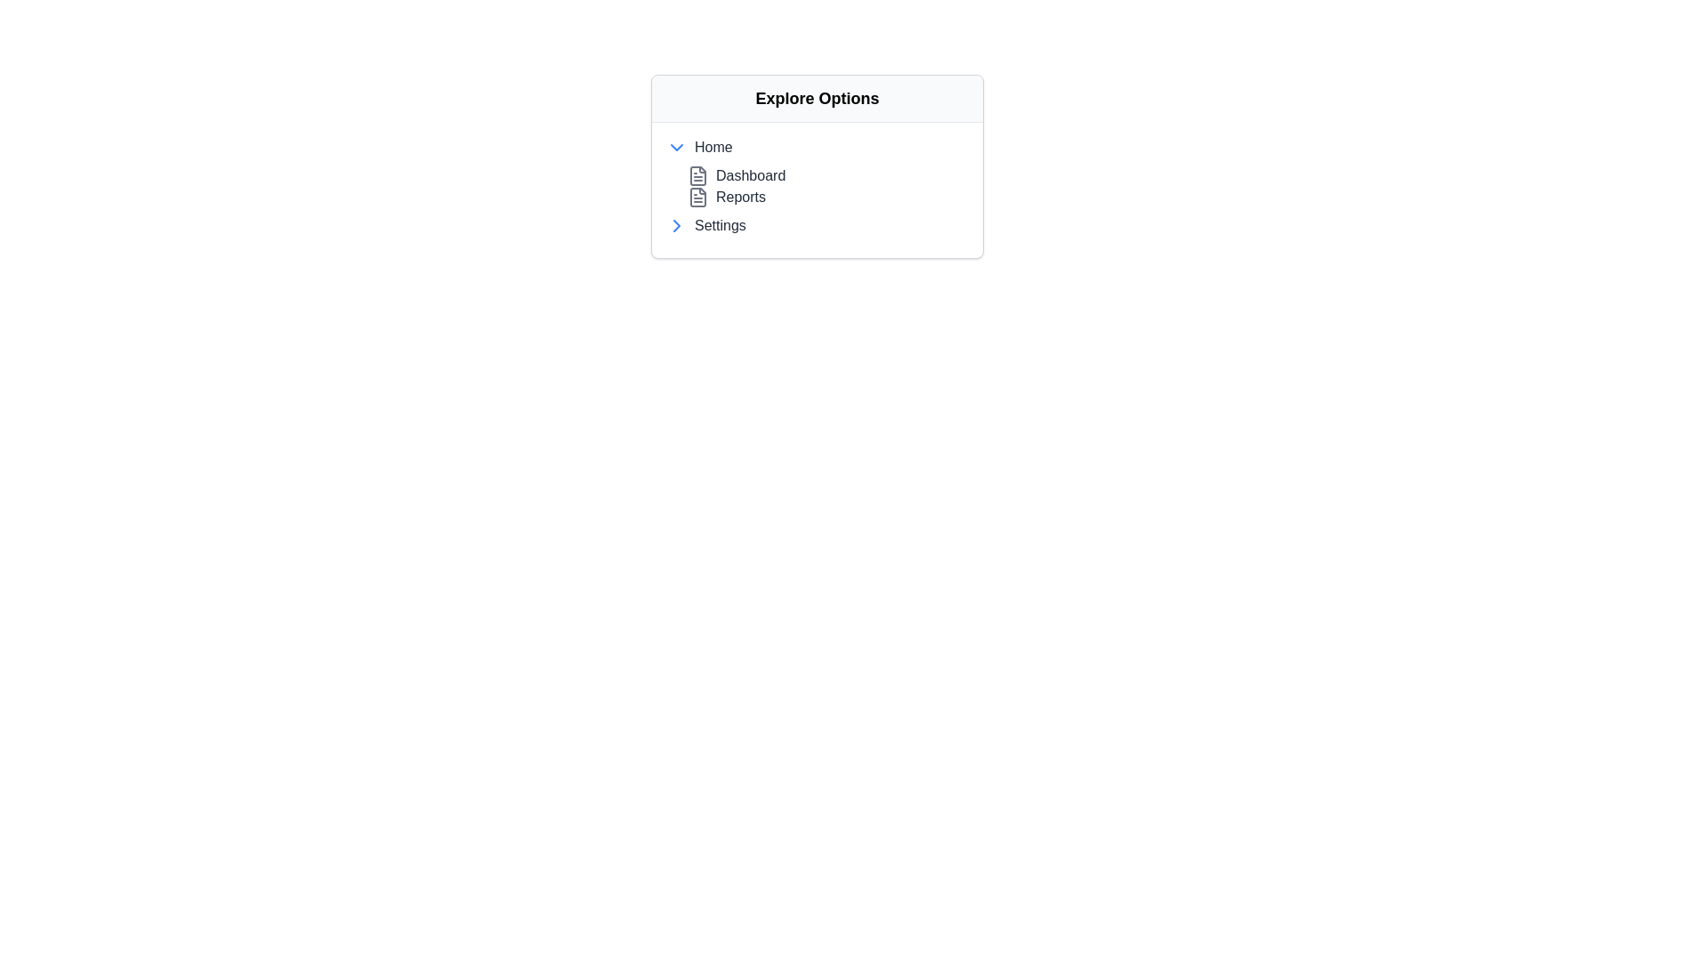 The width and height of the screenshot is (1708, 961). Describe the element at coordinates (713, 146) in the screenshot. I see `the 'Home' label, which is a dark gray textual label located in the 'Explore Options' dropdown menu, positioned to the right of a downward-pointing arrow icon` at that location.